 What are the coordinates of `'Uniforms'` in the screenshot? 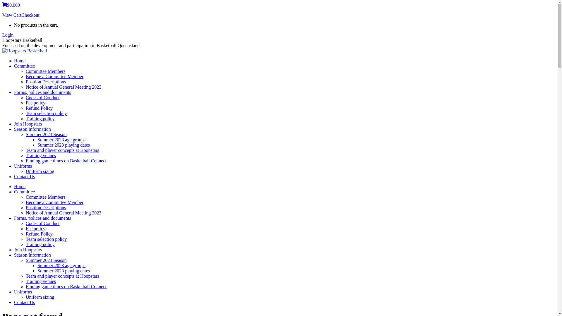 It's located at (23, 166).